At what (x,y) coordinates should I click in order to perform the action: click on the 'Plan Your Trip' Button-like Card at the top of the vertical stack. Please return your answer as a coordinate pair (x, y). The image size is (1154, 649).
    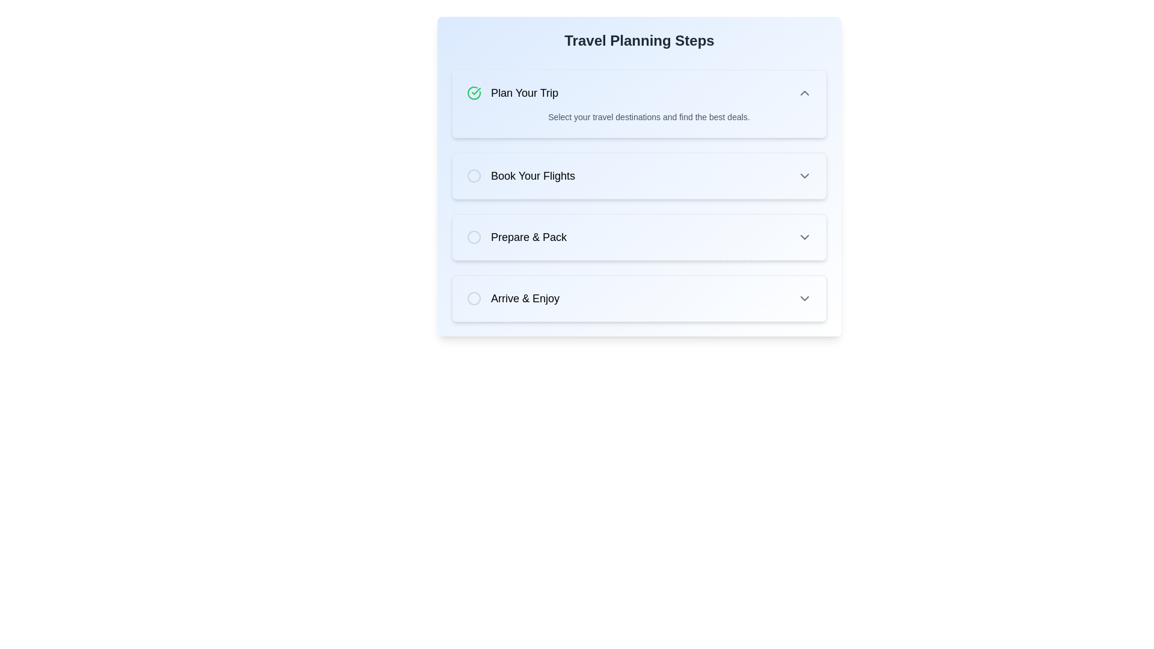
    Looking at the image, I should click on (639, 103).